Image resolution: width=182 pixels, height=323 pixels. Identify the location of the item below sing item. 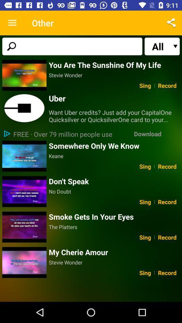
(114, 252).